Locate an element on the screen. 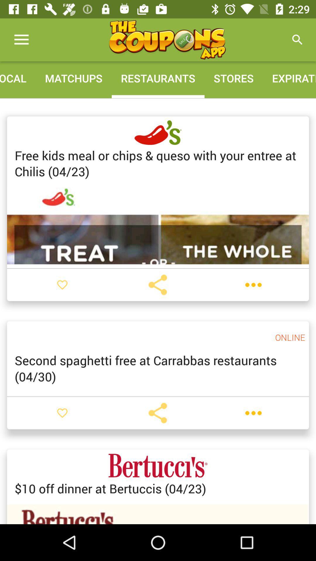  the icon next to the expiration icon is located at coordinates (167, 39).